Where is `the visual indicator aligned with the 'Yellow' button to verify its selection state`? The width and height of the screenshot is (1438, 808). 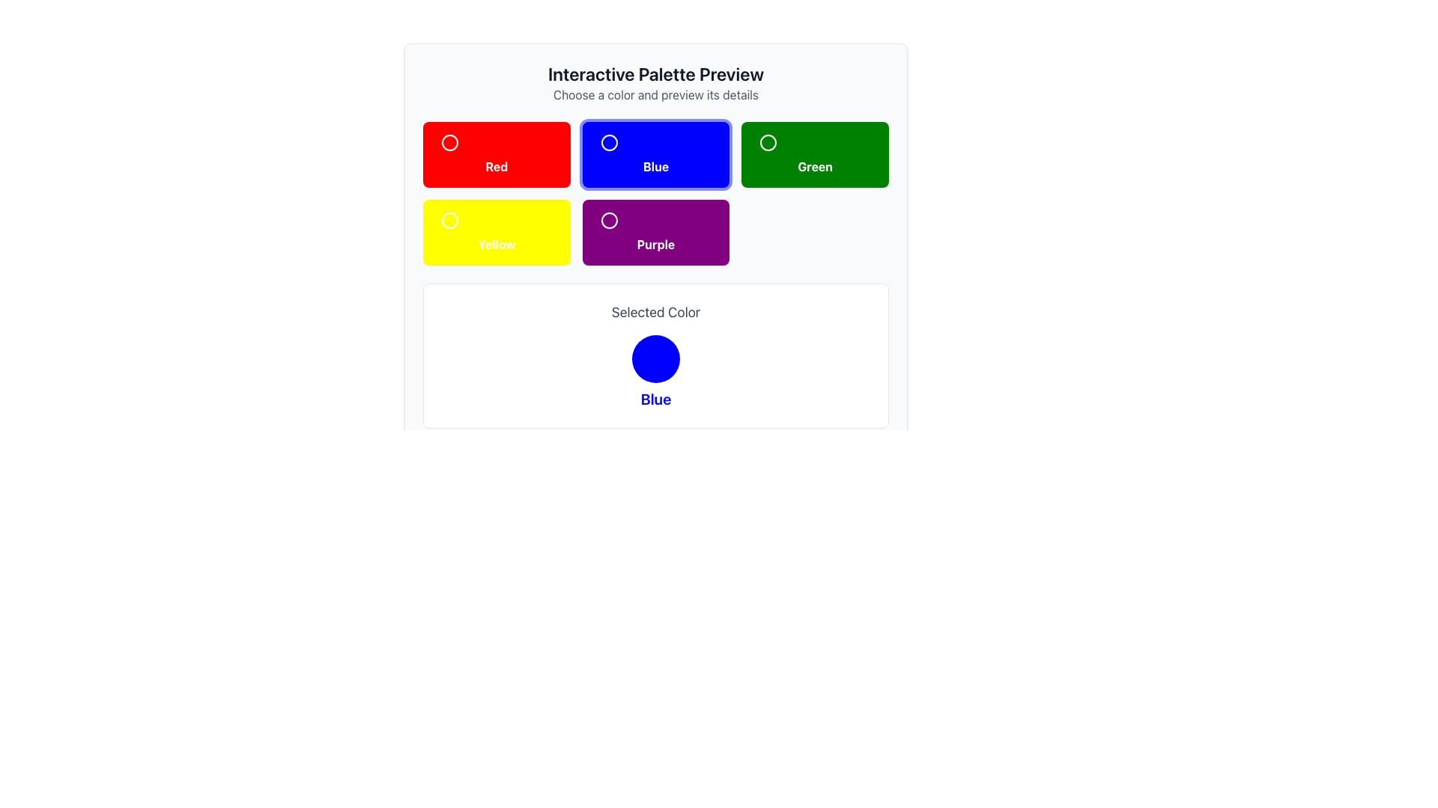 the visual indicator aligned with the 'Yellow' button to verify its selection state is located at coordinates (449, 220).